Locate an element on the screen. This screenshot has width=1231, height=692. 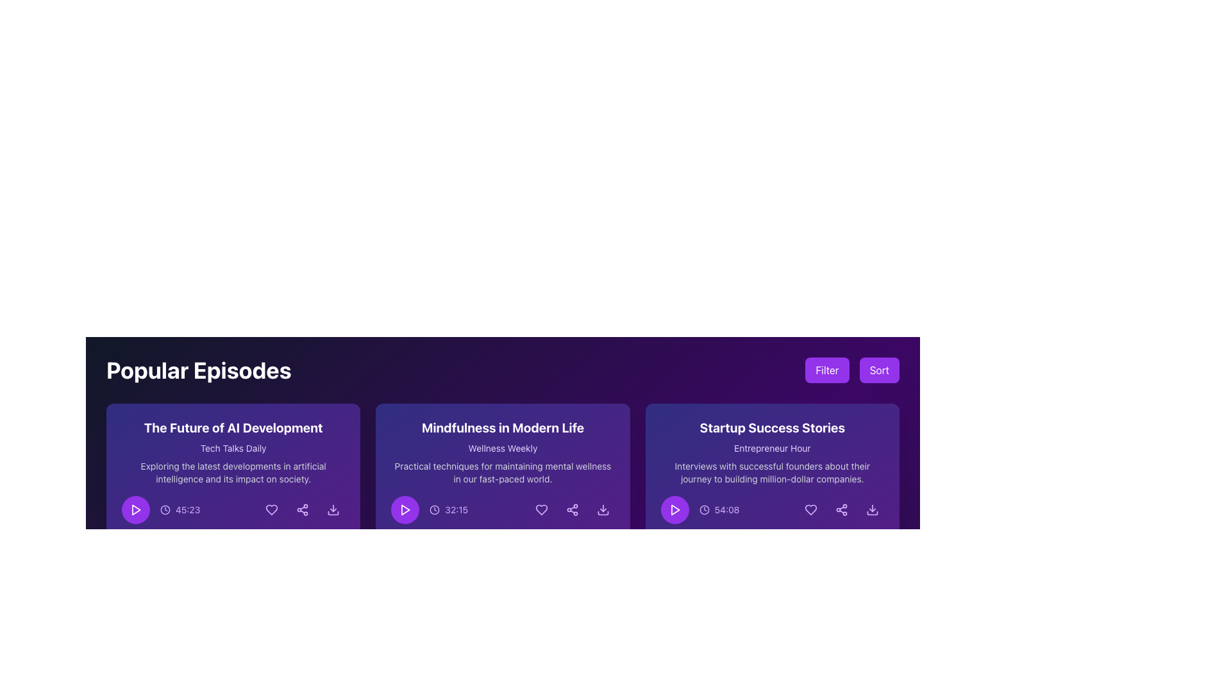
the download icon button located in the bottom-right corner of the 'Mindfulness in Modern Life' card is located at coordinates (602, 509).